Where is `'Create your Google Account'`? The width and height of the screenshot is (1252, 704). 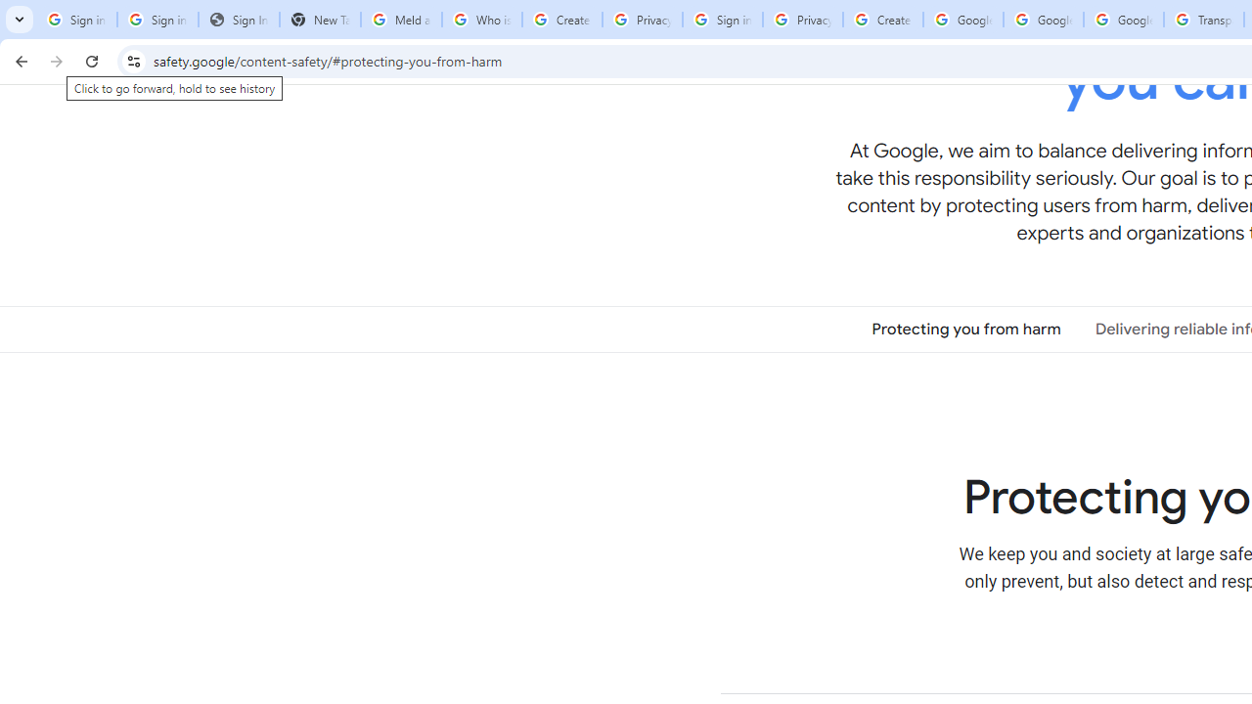 'Create your Google Account' is located at coordinates (882, 20).